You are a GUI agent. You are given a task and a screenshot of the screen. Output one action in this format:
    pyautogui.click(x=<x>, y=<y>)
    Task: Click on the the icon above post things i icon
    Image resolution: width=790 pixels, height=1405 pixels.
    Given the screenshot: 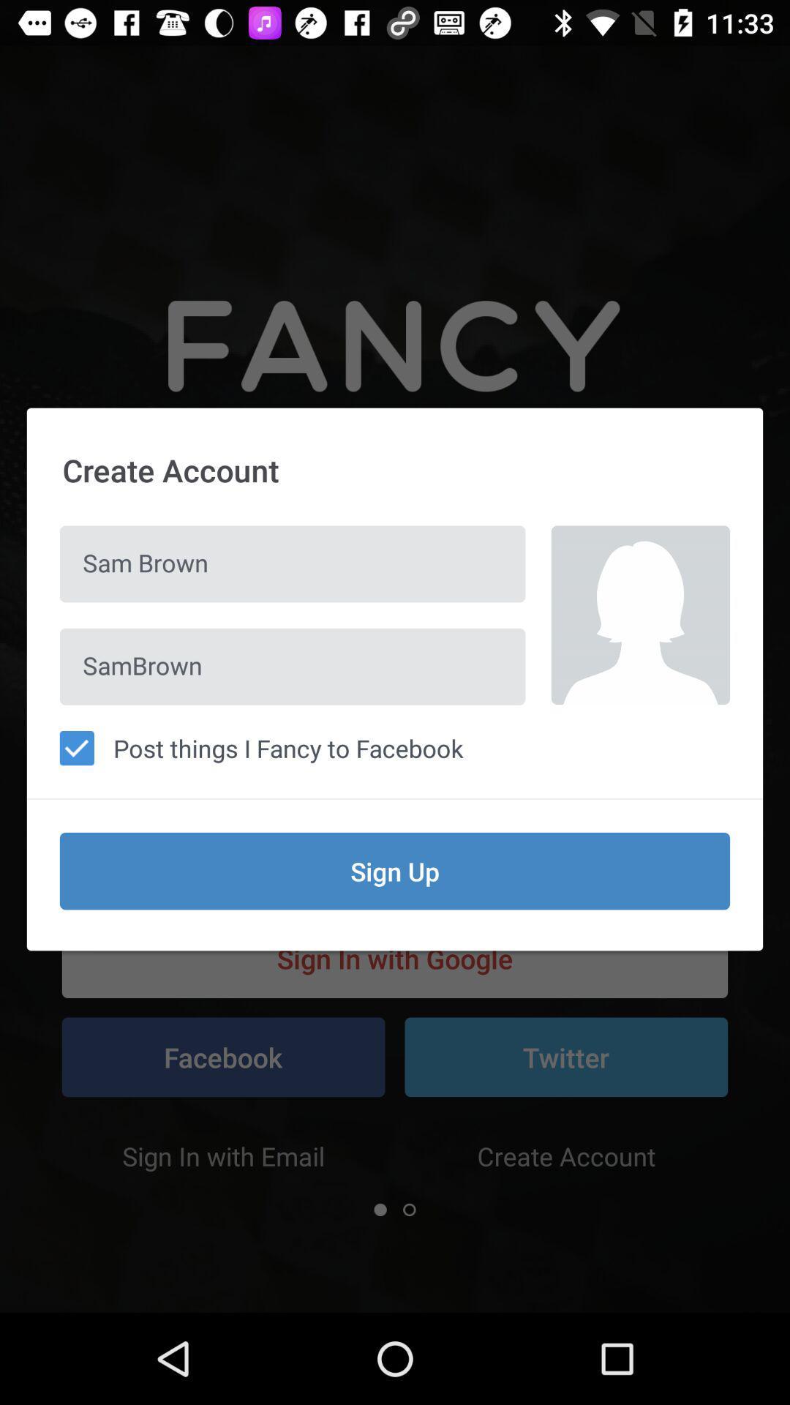 What is the action you would take?
    pyautogui.click(x=639, y=615)
    